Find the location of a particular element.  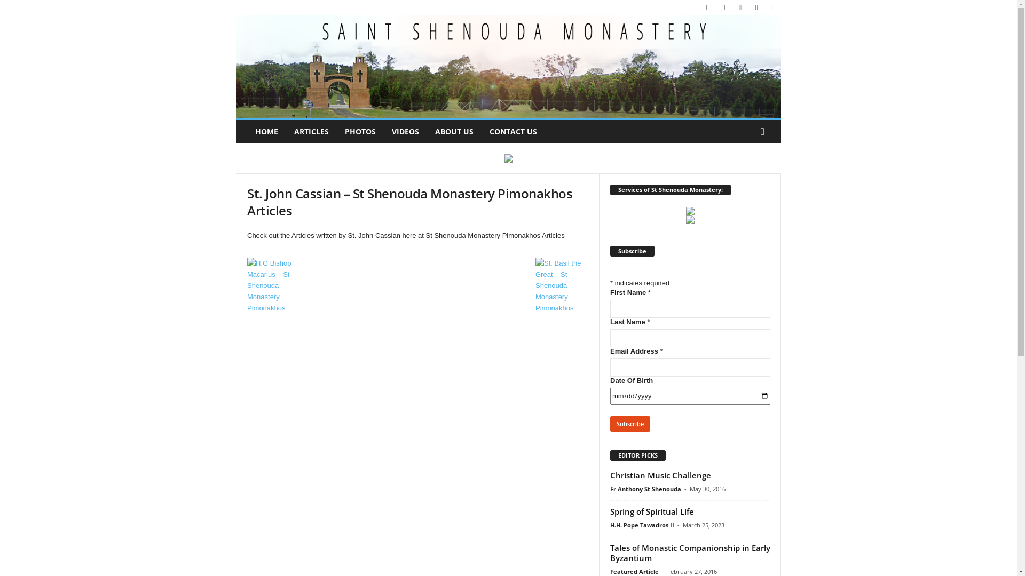

'PHOTOS' is located at coordinates (360, 131).